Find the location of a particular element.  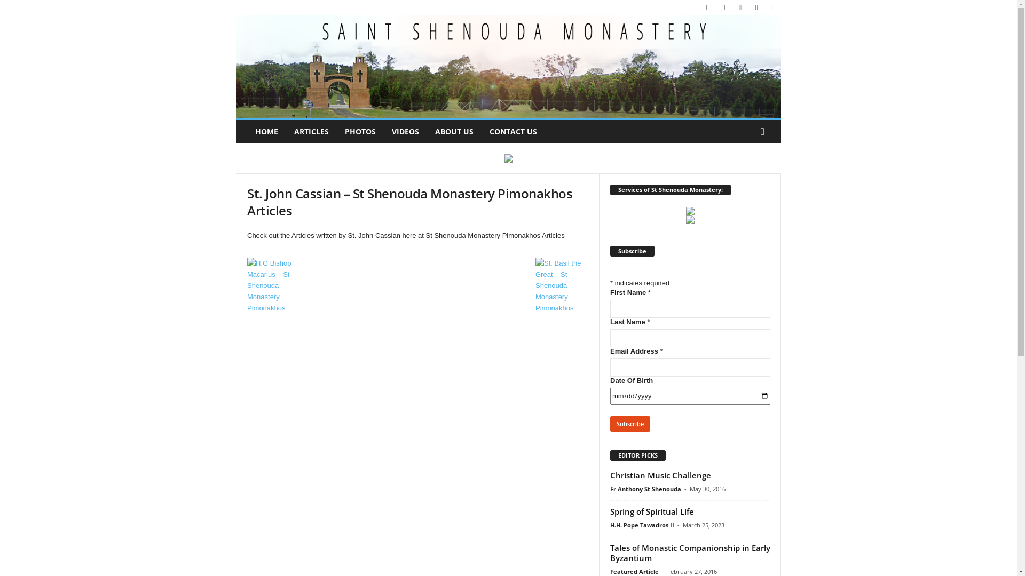

'PHOTOS' is located at coordinates (360, 131).